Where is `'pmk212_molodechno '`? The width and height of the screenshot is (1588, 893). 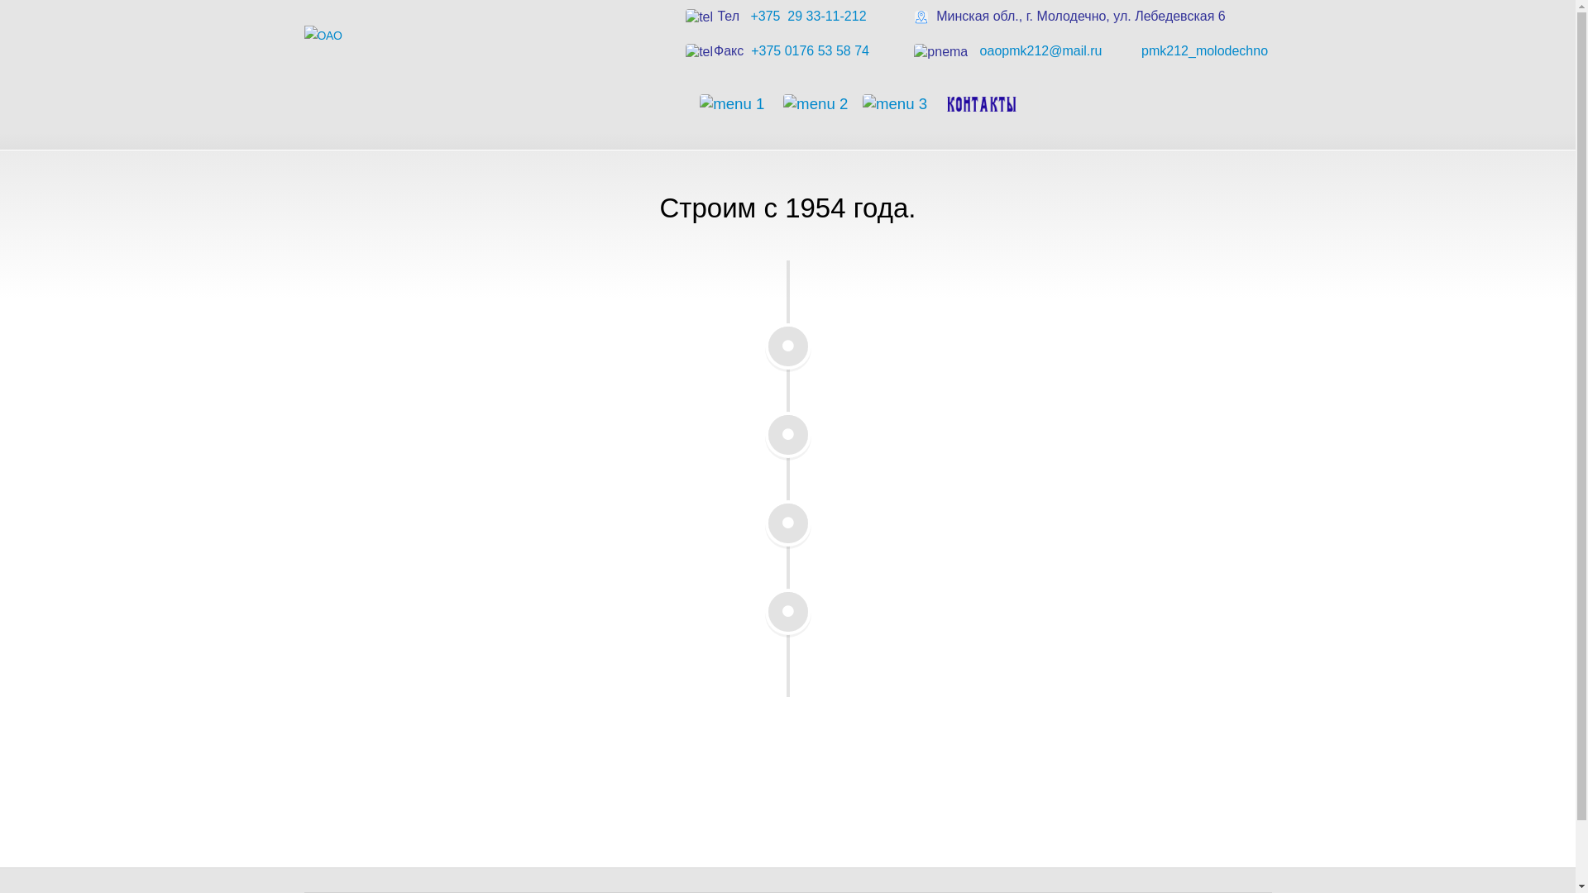
'pmk212_molodechno ' is located at coordinates (1141, 50).